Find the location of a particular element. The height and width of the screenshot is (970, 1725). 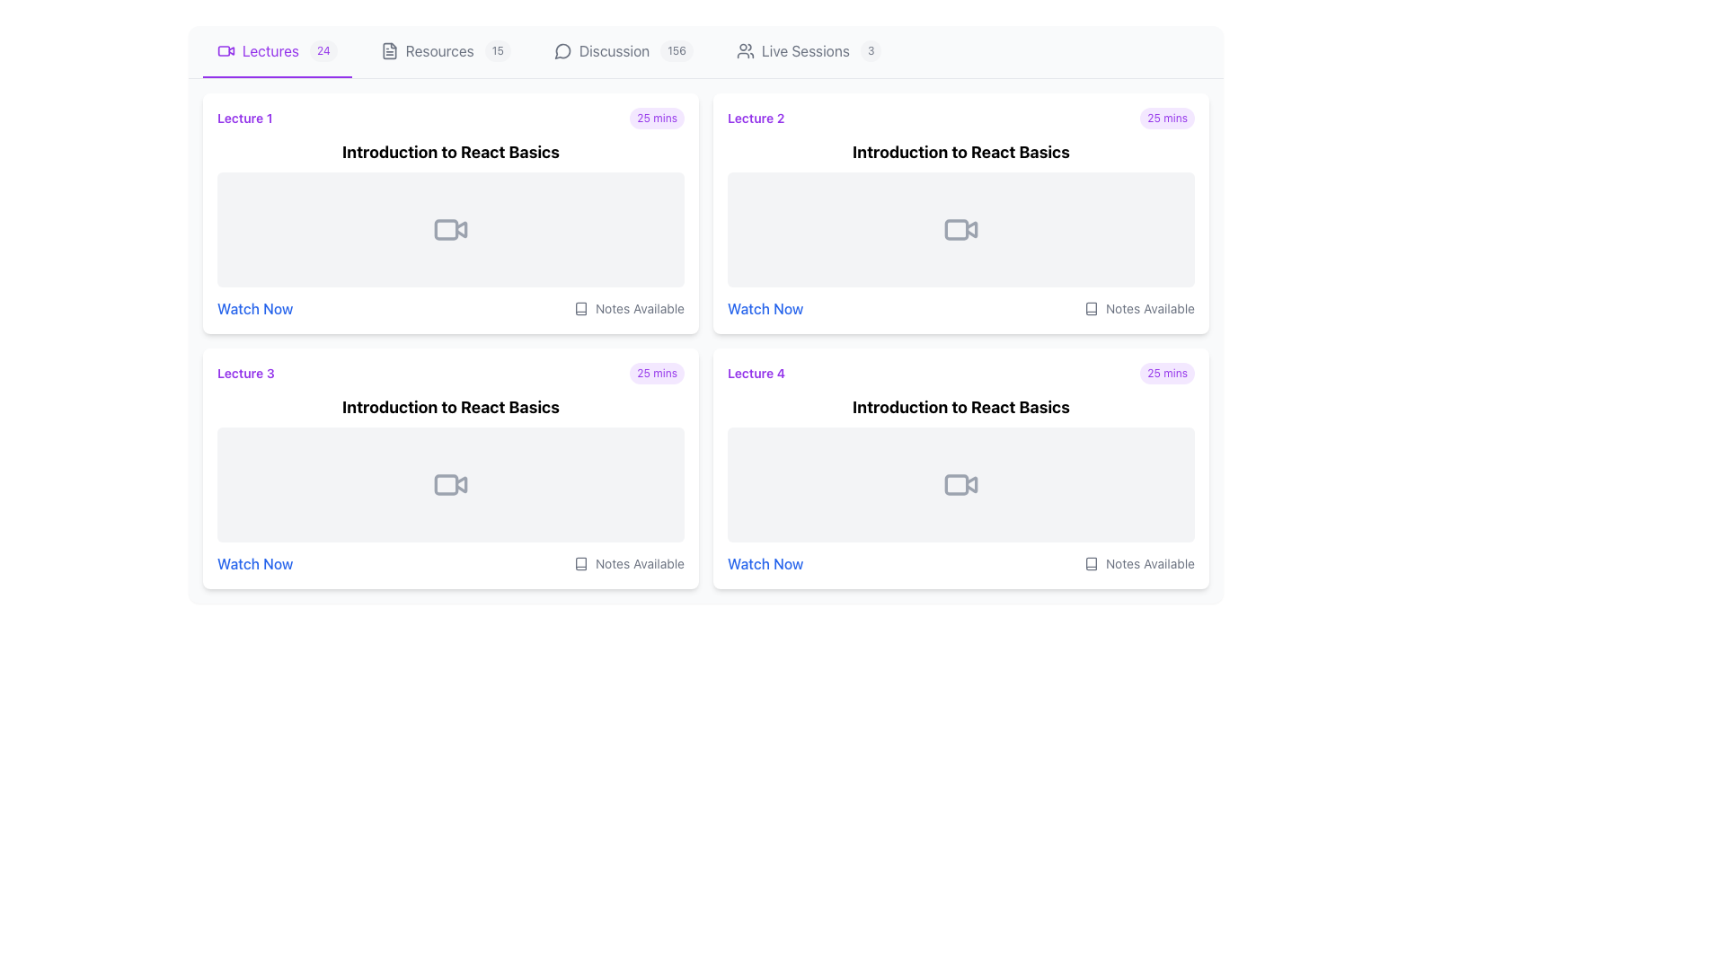

the text label element styled with a purple, bold font that contains the words 'Lecture 3', located in the header area of a content block is located at coordinates (244, 373).